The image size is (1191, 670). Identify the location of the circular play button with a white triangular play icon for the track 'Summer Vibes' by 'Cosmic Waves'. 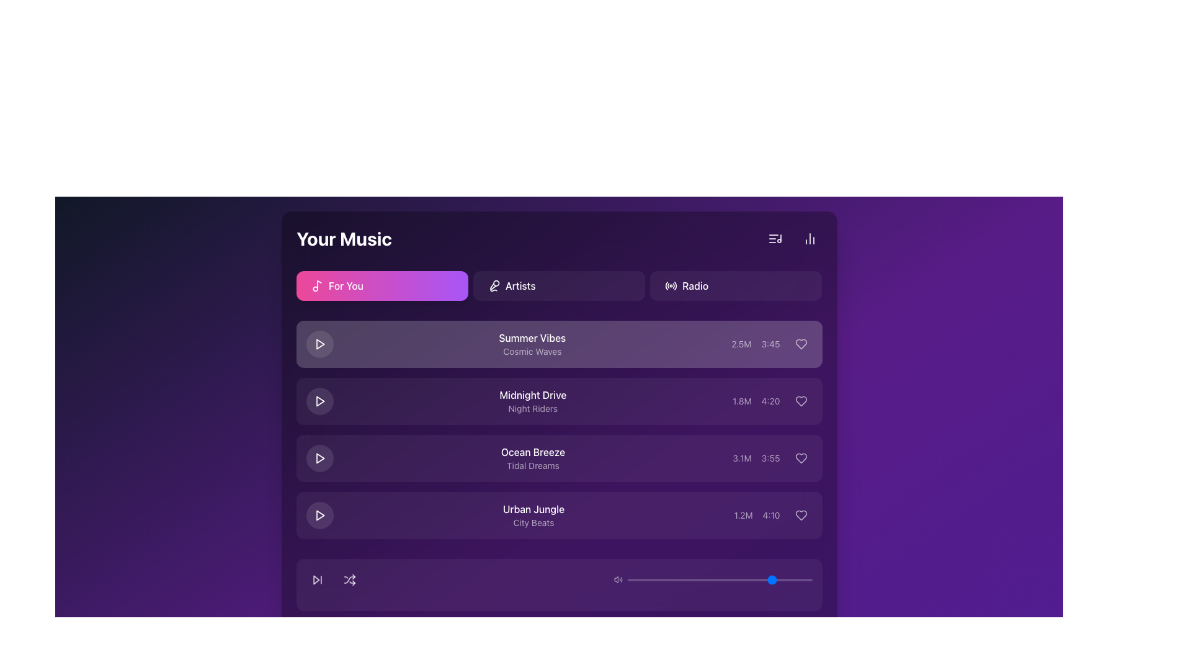
(319, 344).